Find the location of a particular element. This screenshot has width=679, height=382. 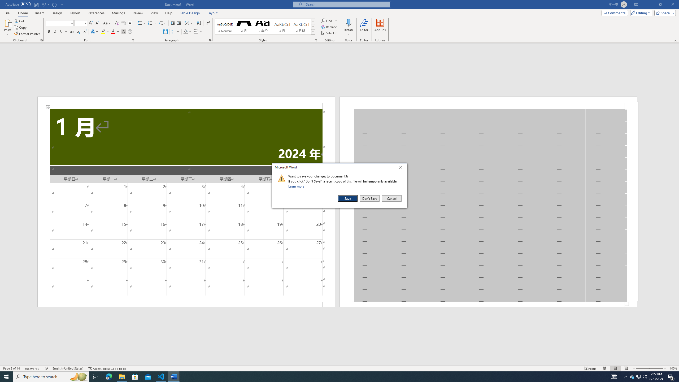

'Office Clipboard...' is located at coordinates (41, 40).